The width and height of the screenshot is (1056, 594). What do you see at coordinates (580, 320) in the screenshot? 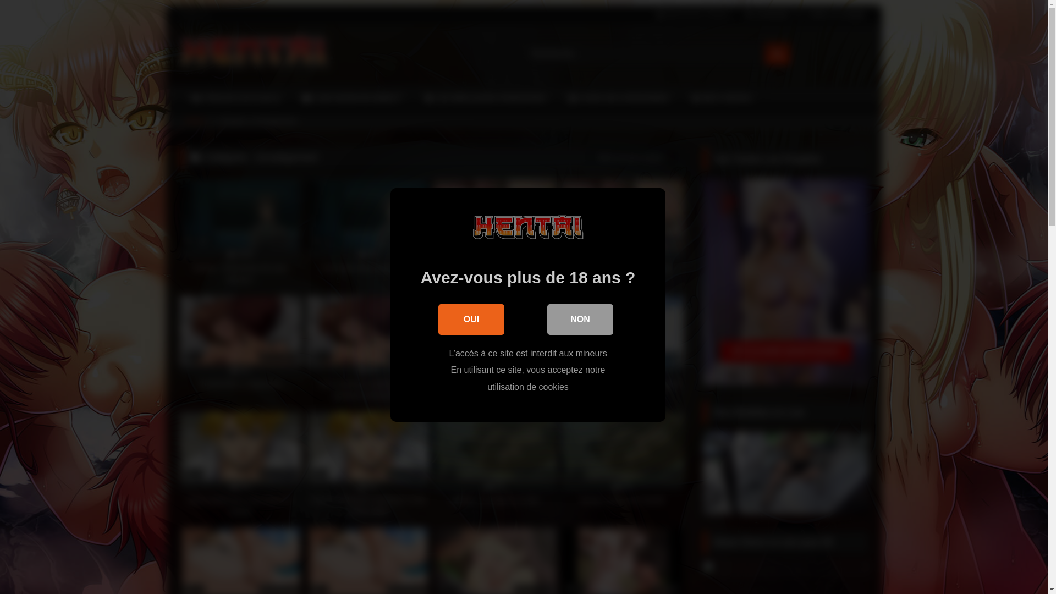
I see `'NON'` at bounding box center [580, 320].